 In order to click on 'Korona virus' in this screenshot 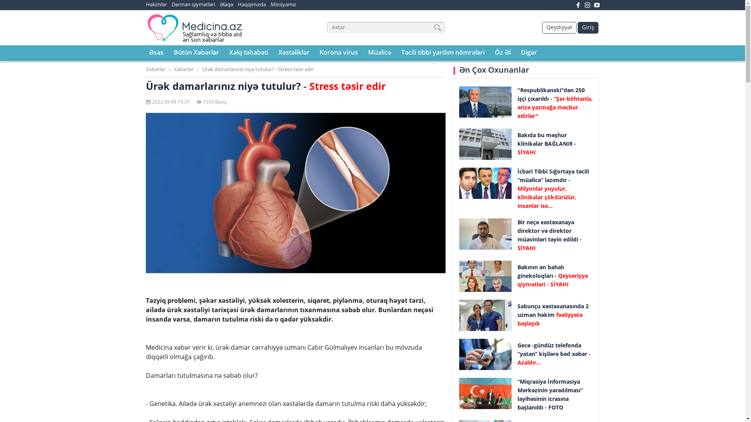, I will do `click(338, 53)`.